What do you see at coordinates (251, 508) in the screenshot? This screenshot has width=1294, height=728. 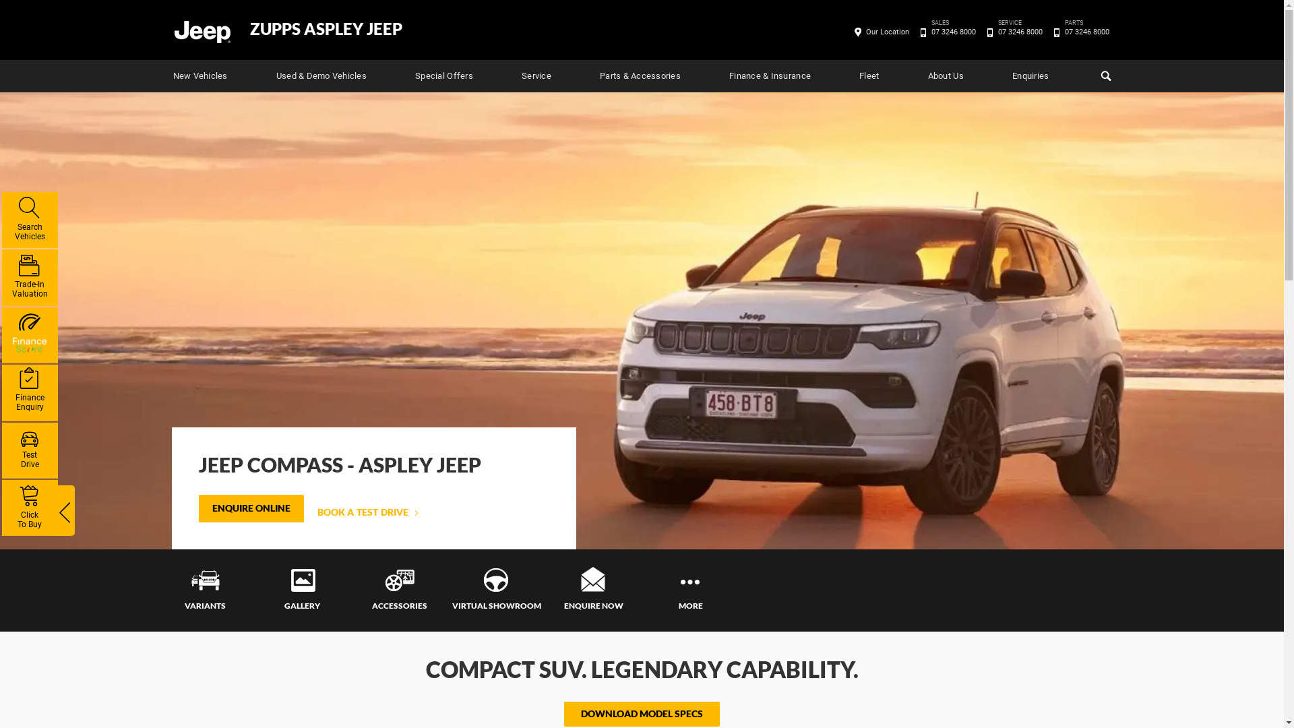 I see `'ENQUIRE ONLINE'` at bounding box center [251, 508].